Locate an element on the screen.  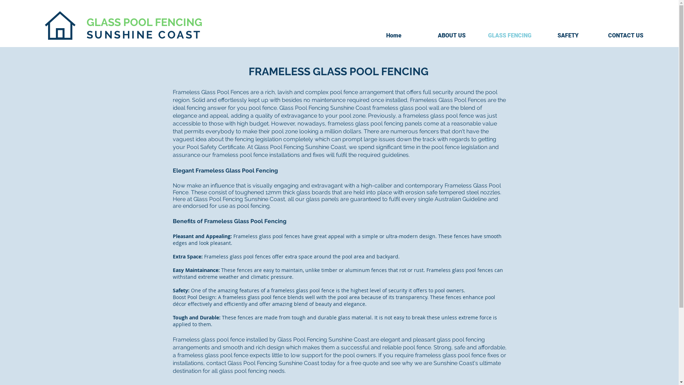
'SAFETY' is located at coordinates (567, 36).